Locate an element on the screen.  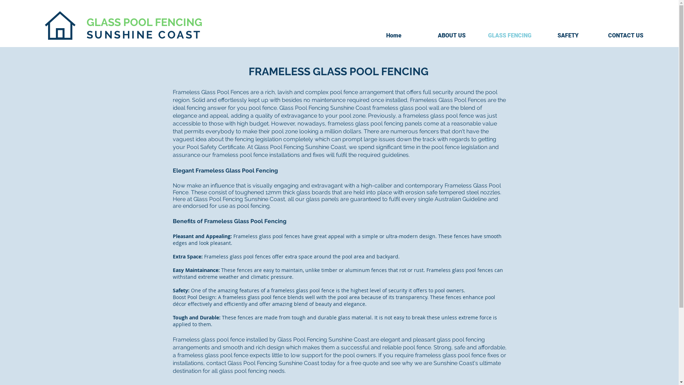
'SAFETY' is located at coordinates (567, 36).